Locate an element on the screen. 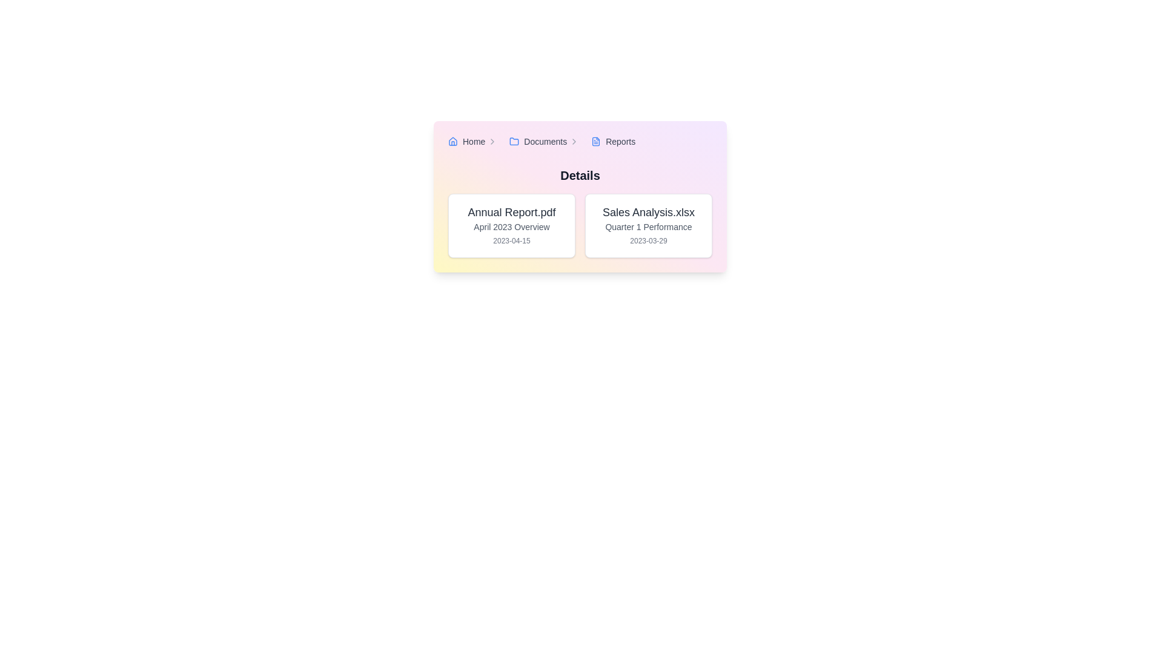 This screenshot has width=1163, height=654. the interactive hyperlink labeled 'Documents' is located at coordinates (545, 141).